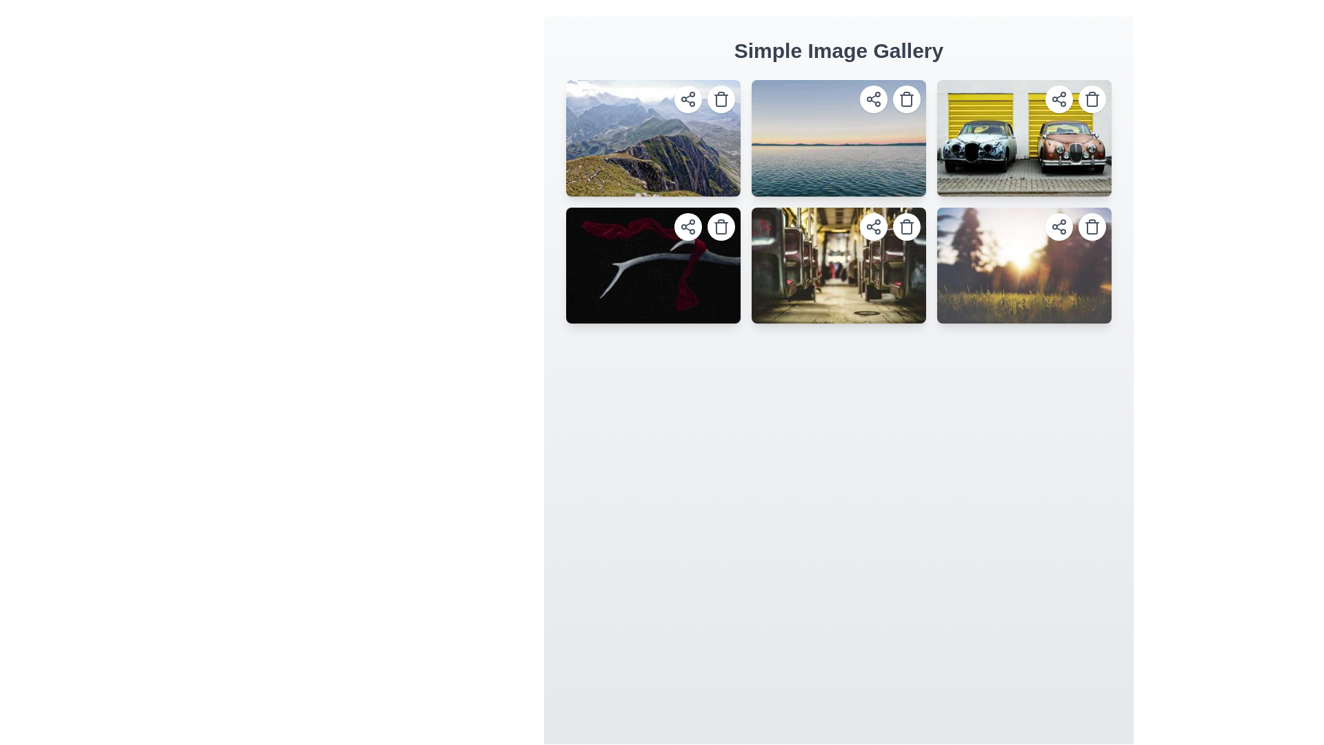  Describe the element at coordinates (721, 98) in the screenshot. I see `the circular button with a trash can icon located at the top-right corner of the first image` at that location.